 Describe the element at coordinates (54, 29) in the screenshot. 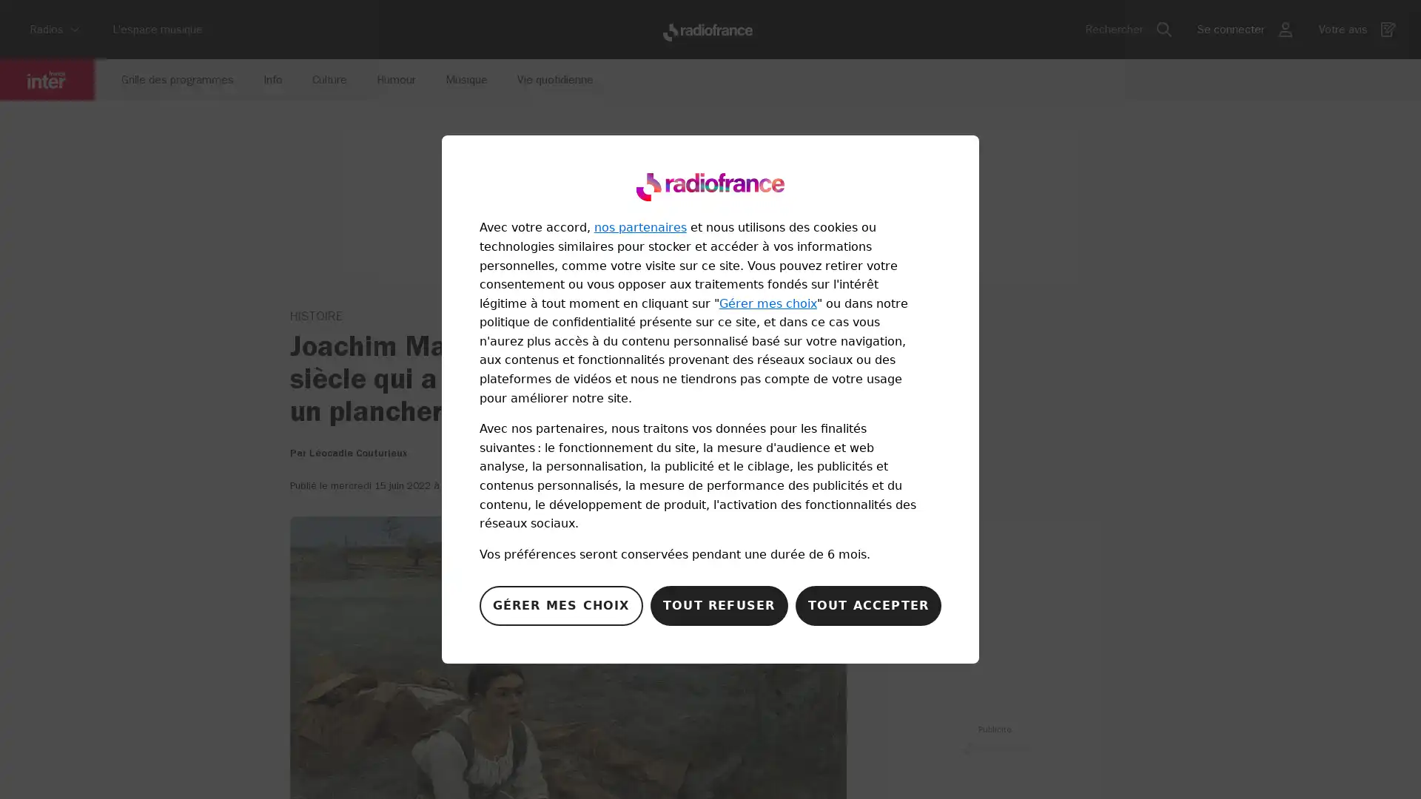

I see `Radios` at that location.